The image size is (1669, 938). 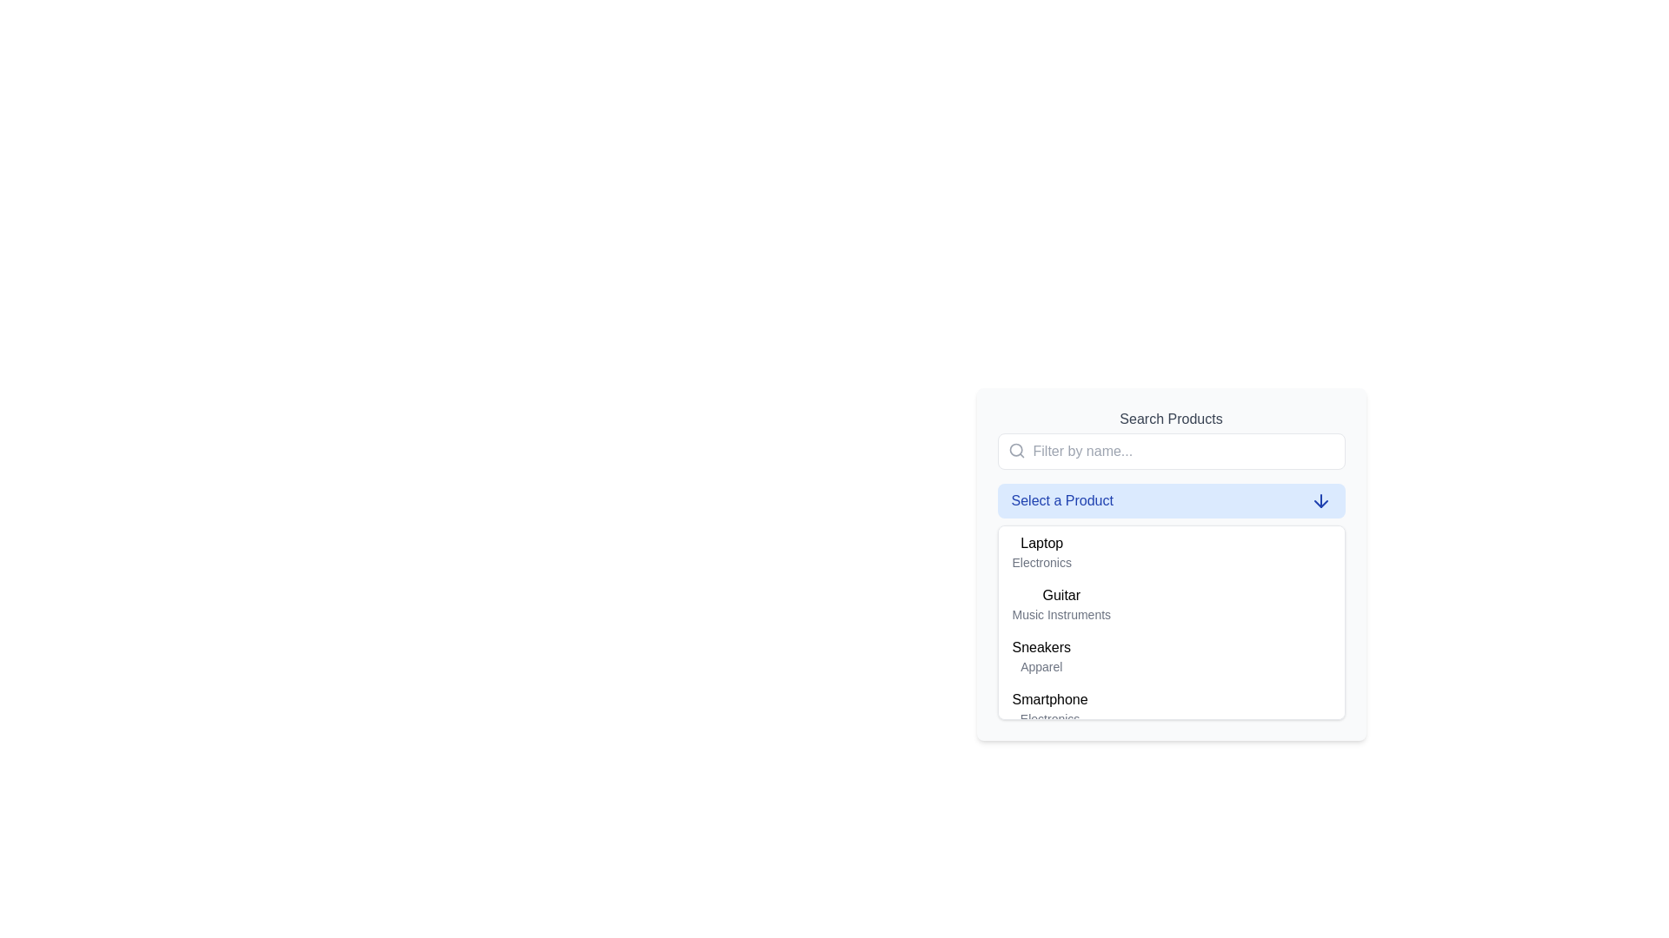 I want to click on the Text label providing additional category information for the 'Sneakers' product group located under the 'Sneakers' item in the dropdown panel, so click(x=1041, y=665).